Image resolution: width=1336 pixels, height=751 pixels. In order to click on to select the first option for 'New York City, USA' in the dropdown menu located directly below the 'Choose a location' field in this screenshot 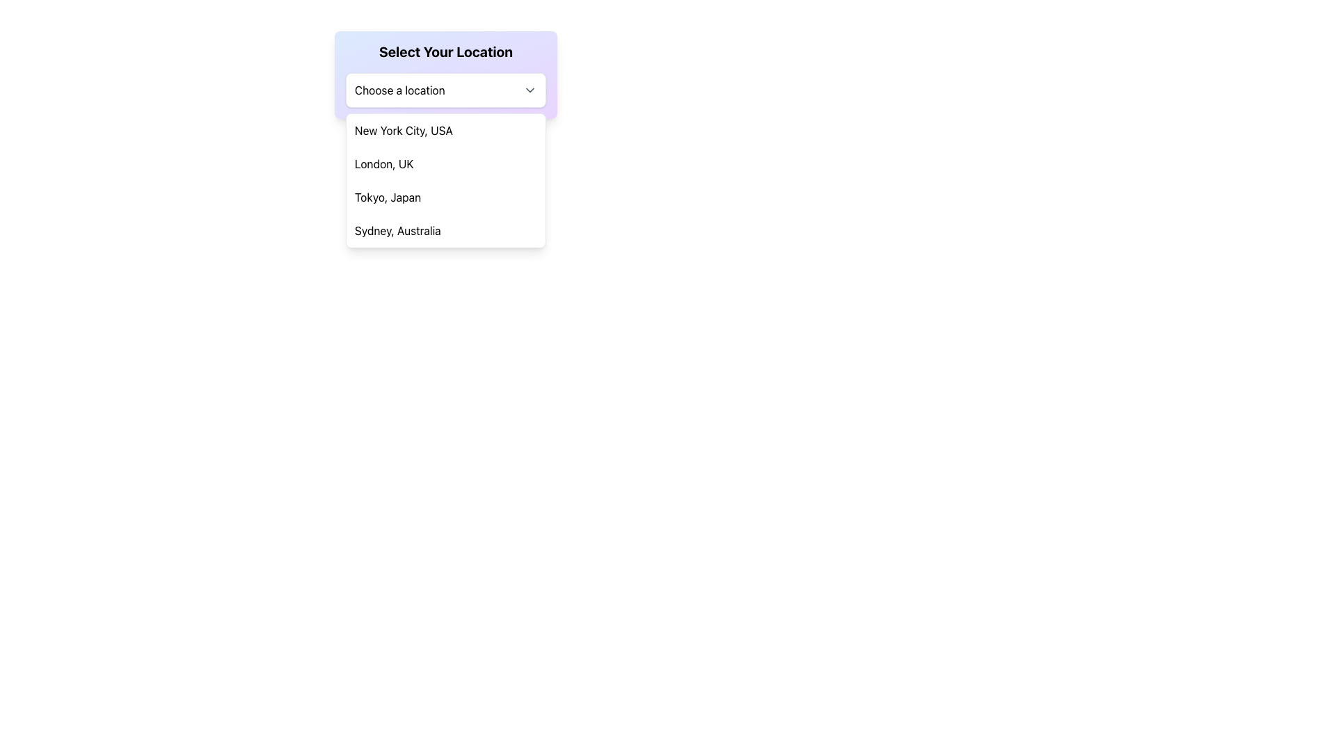, I will do `click(446, 131)`.